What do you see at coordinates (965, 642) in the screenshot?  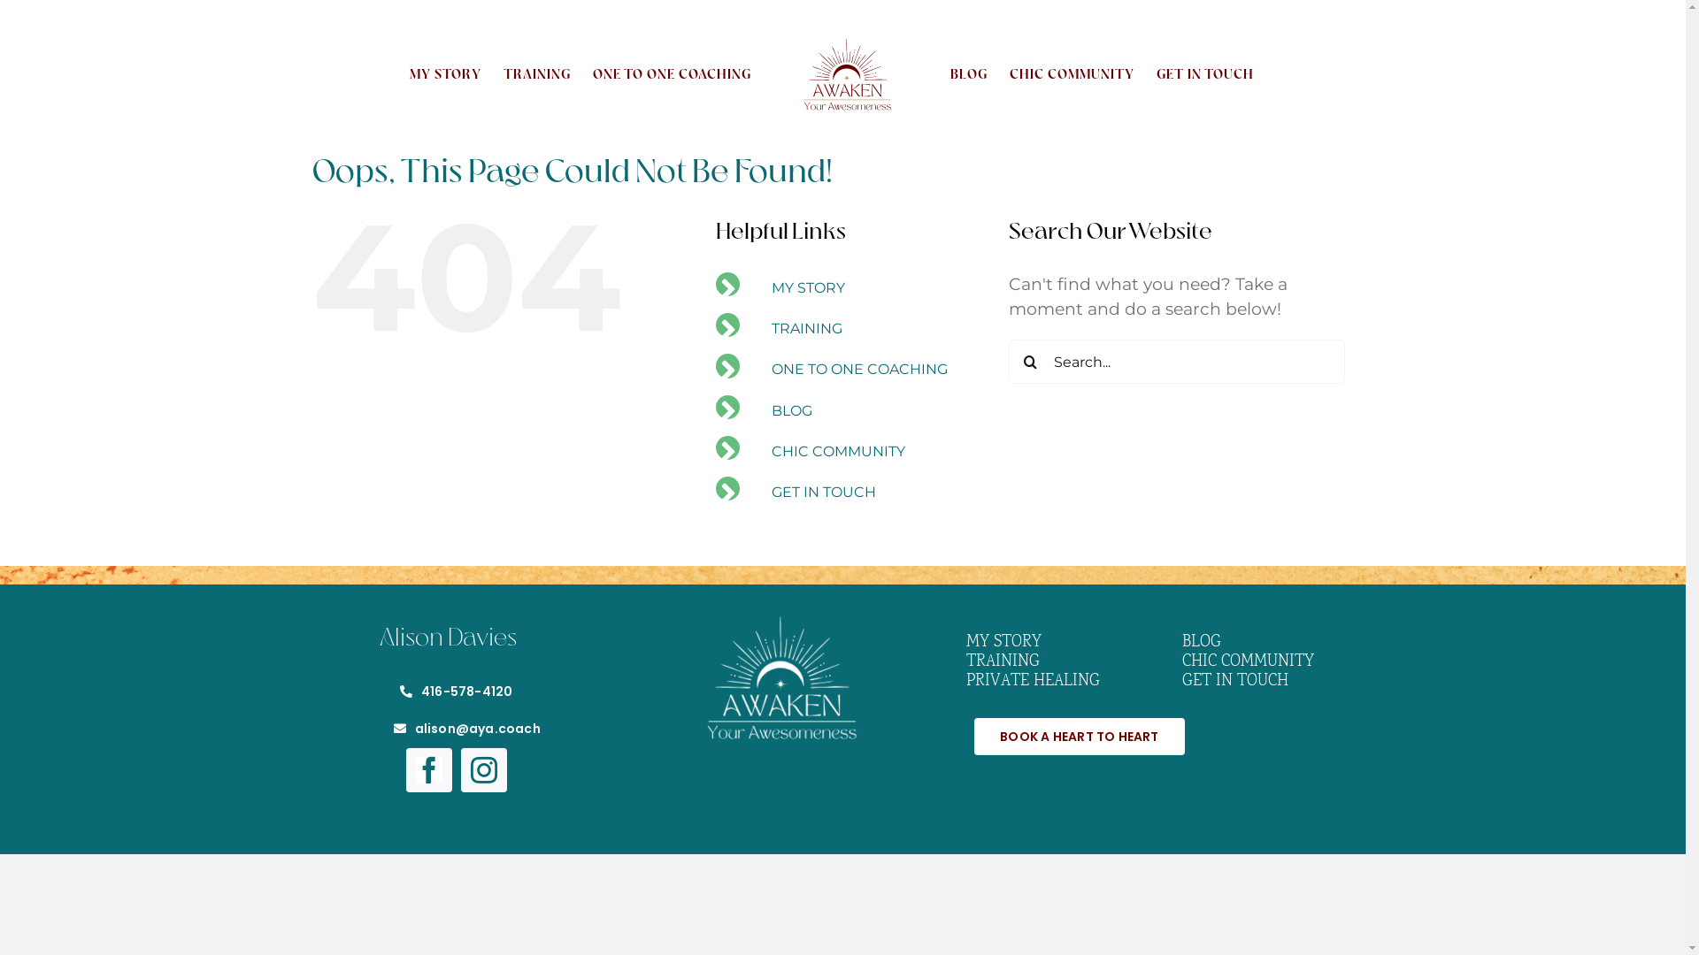 I see `'MY STORY'` at bounding box center [965, 642].